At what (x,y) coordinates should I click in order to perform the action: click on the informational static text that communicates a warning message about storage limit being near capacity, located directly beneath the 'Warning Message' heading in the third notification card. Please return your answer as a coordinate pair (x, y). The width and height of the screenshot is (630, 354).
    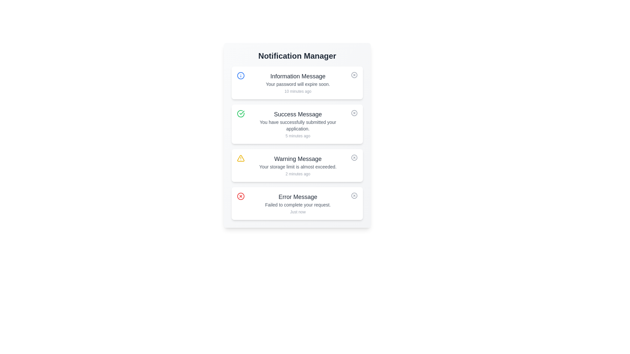
    Looking at the image, I should click on (297, 167).